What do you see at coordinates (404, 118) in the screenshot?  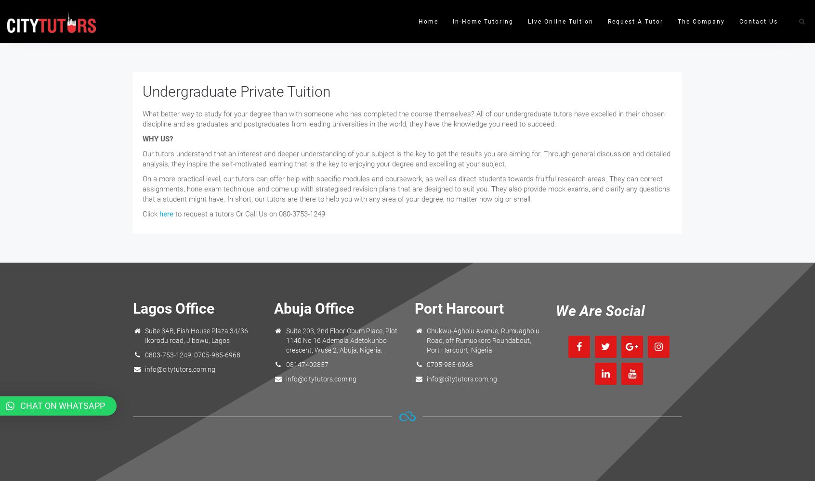 I see `'What better way to study for your degree than with someone who has completed the course themselves? All of our undergraduate tutors have excelled in their chosen discipline and as graduates and postgraduates from leading universities in the world, they have the knowledge you need to succeed.'` at bounding box center [404, 118].